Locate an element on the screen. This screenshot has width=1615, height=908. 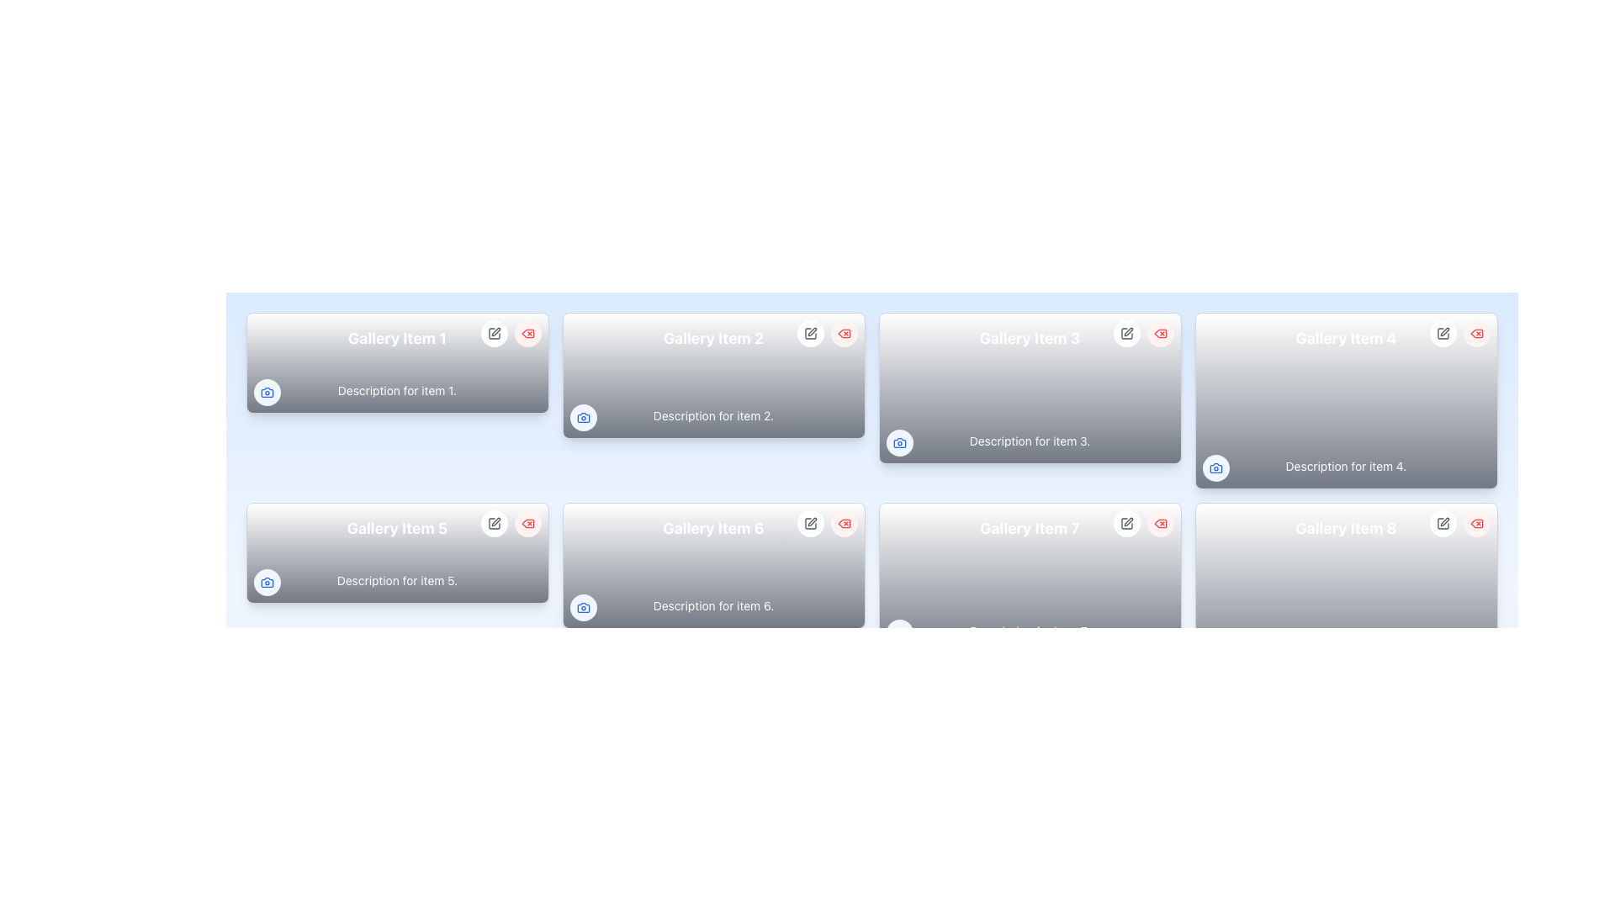
the button located in the bottom left corner of the card labeled 'Gallery Item 3' is located at coordinates (898, 442).